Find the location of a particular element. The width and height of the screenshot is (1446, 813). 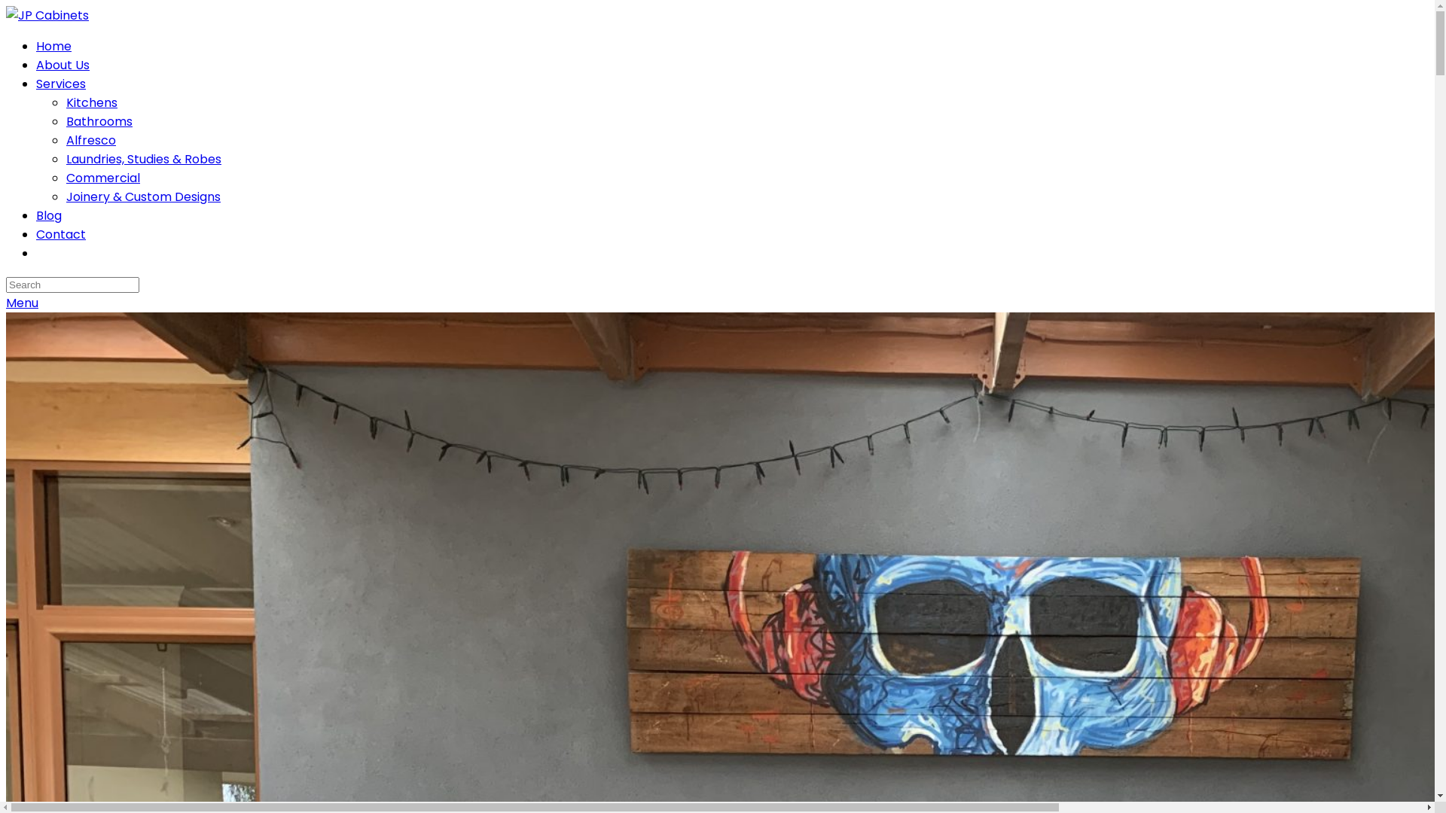

'About Us' is located at coordinates (62, 64).